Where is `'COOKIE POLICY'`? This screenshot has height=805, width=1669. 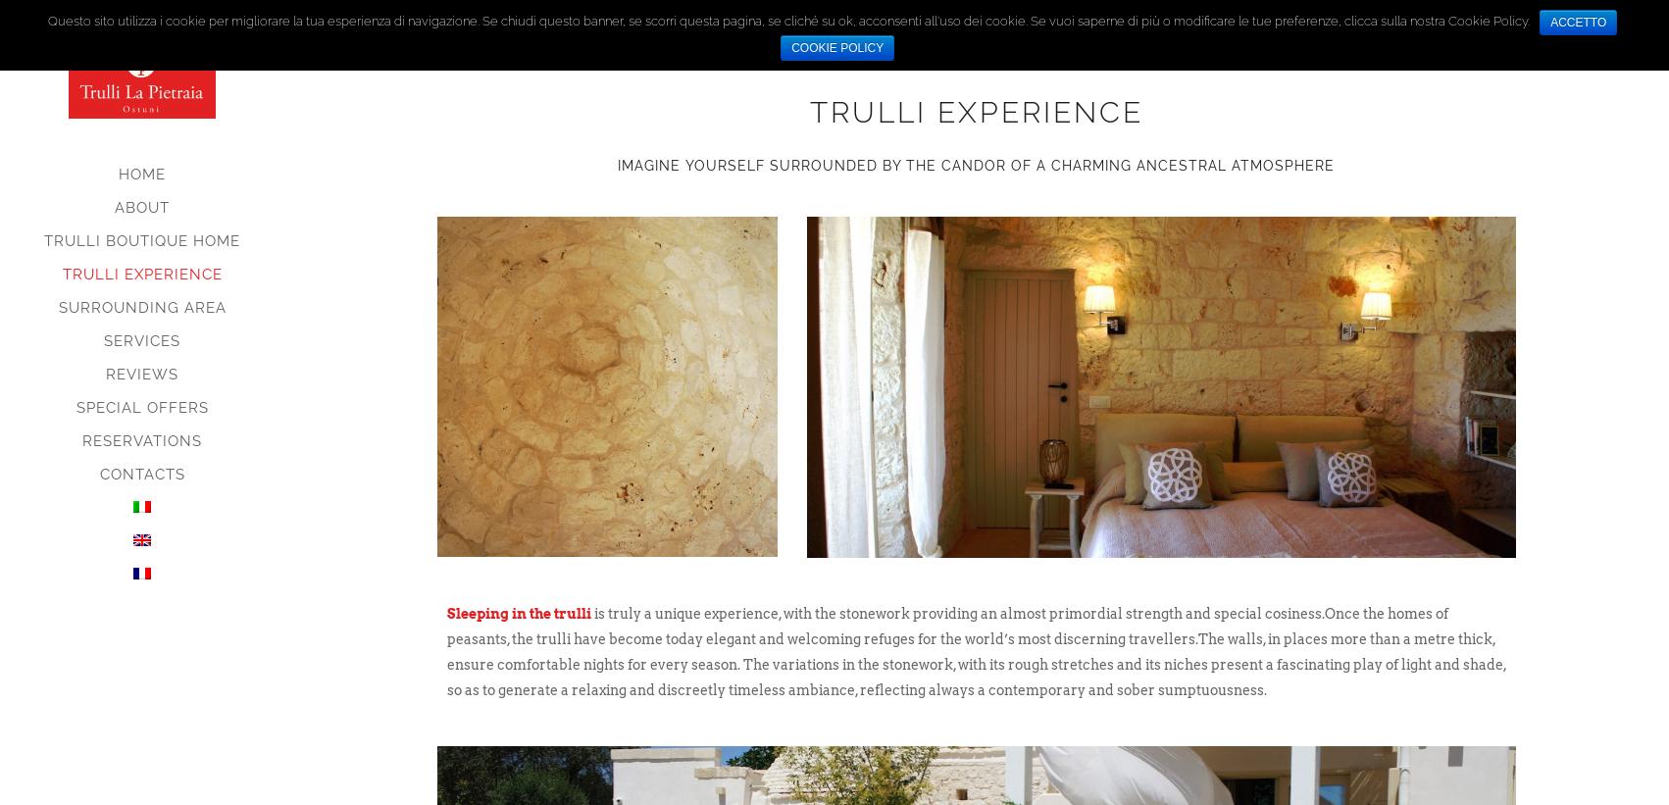
'COOKIE POLICY' is located at coordinates (837, 48).